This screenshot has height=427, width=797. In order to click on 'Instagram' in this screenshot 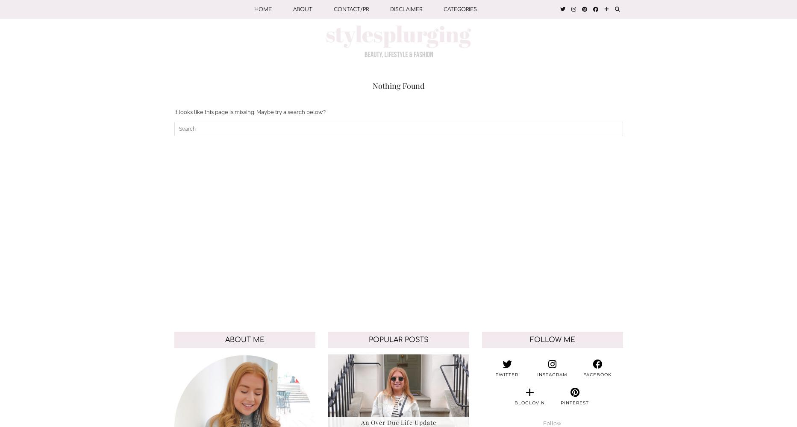, I will do `click(552, 374)`.